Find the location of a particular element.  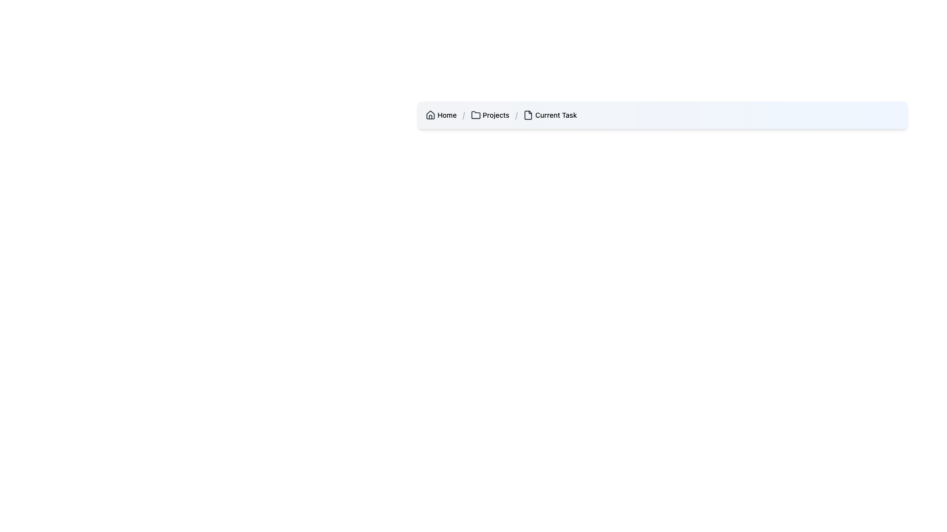

the second breadcrumb separator in the navigation bar which visually separates the 'Home' and 'Projects' links is located at coordinates (463, 115).